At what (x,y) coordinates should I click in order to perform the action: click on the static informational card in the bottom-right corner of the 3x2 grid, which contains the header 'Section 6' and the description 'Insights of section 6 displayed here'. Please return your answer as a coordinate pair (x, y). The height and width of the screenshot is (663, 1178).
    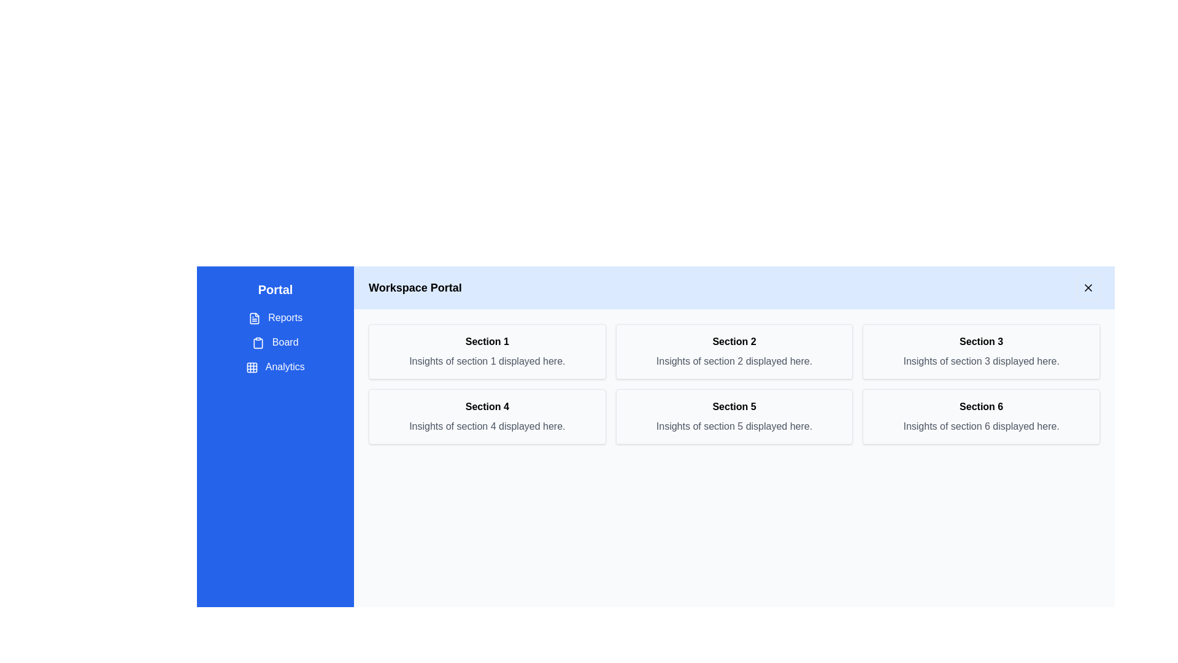
    Looking at the image, I should click on (980, 416).